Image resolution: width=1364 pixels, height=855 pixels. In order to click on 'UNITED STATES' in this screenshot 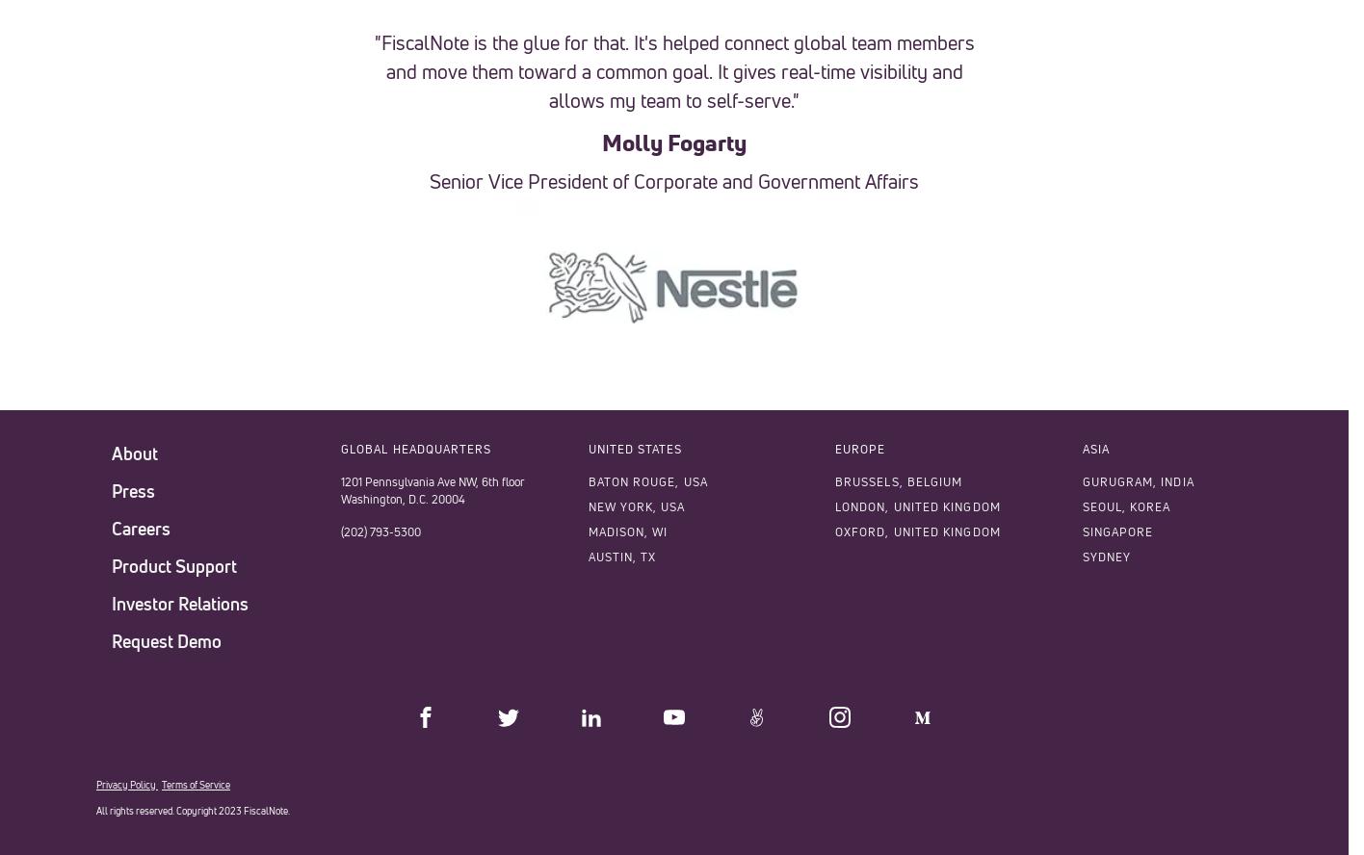, I will do `click(634, 448)`.